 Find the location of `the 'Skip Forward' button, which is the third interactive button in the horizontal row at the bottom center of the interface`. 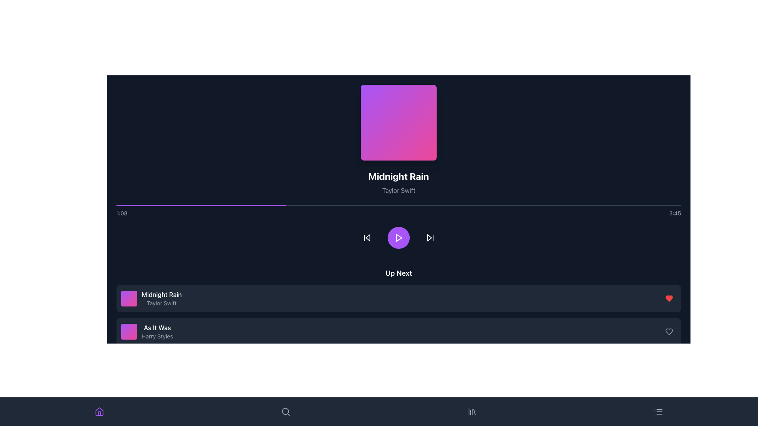

the 'Skip Forward' button, which is the third interactive button in the horizontal row at the bottom center of the interface is located at coordinates (430, 237).